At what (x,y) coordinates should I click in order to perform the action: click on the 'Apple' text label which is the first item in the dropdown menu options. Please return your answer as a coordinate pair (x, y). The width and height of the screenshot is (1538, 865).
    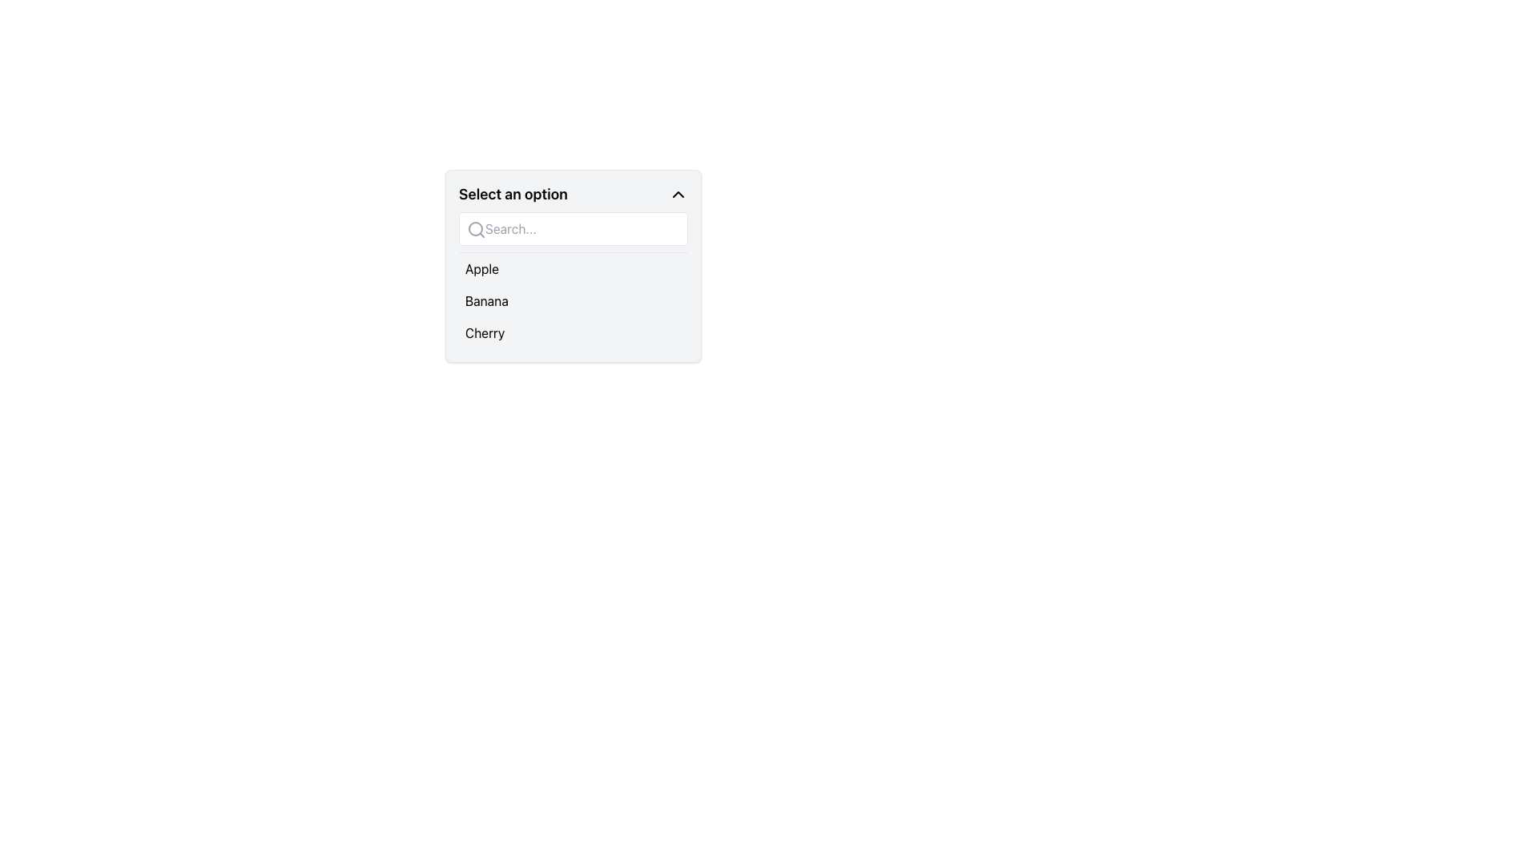
    Looking at the image, I should click on (481, 268).